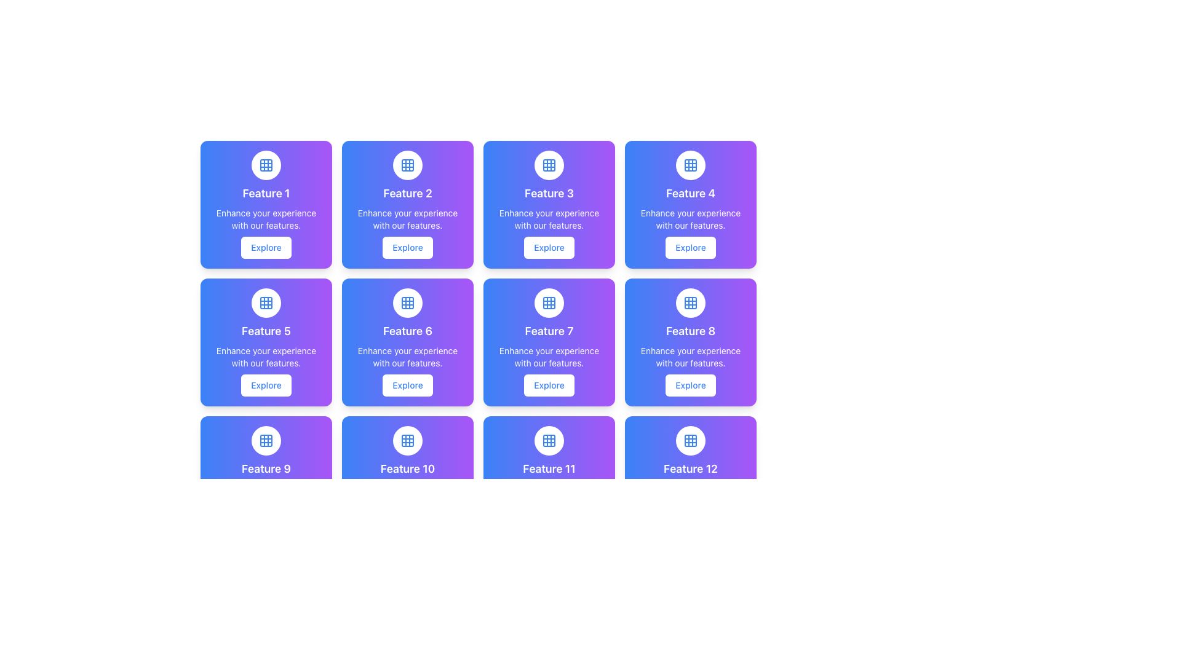 This screenshot has width=1181, height=664. What do you see at coordinates (407, 440) in the screenshot?
I see `the icon representing the card's purpose or category located within the 'Feature 10' card in the third row and second column of the grid` at bounding box center [407, 440].